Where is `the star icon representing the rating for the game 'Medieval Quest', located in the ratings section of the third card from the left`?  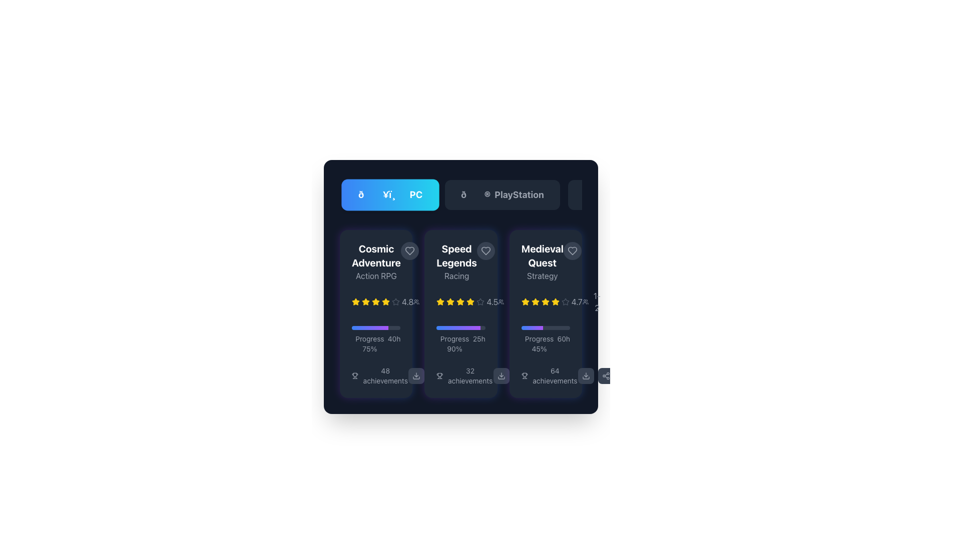
the star icon representing the rating for the game 'Medieval Quest', located in the ratings section of the third card from the left is located at coordinates (525, 301).